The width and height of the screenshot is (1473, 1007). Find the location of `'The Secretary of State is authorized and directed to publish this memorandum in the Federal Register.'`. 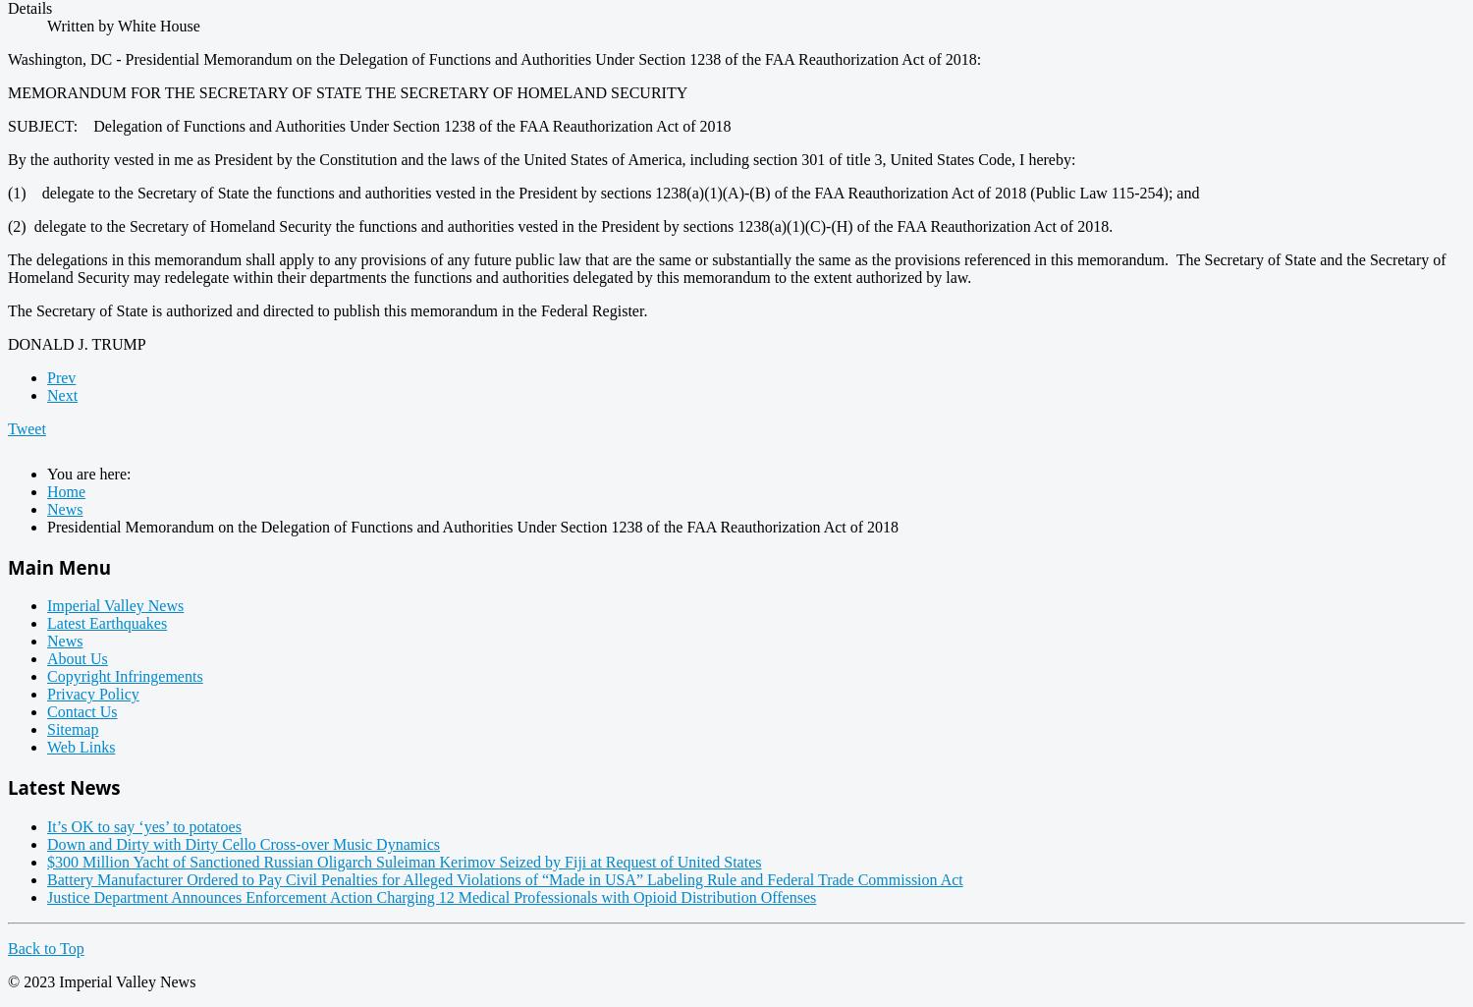

'The Secretary of State is authorized and directed to publish this memorandum in the Federal Register.' is located at coordinates (326, 309).